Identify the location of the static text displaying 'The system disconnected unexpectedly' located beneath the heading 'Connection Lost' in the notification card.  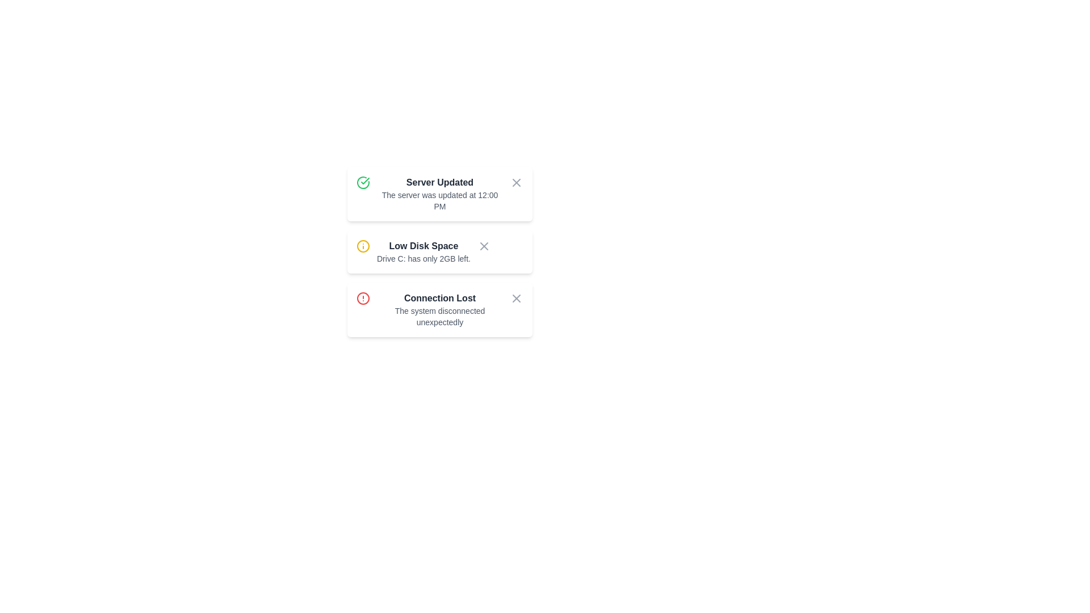
(439, 317).